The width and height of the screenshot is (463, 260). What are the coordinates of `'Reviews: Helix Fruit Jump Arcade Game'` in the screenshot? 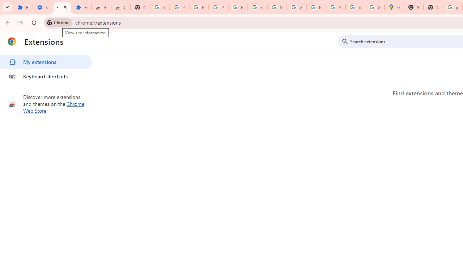 It's located at (101, 7).